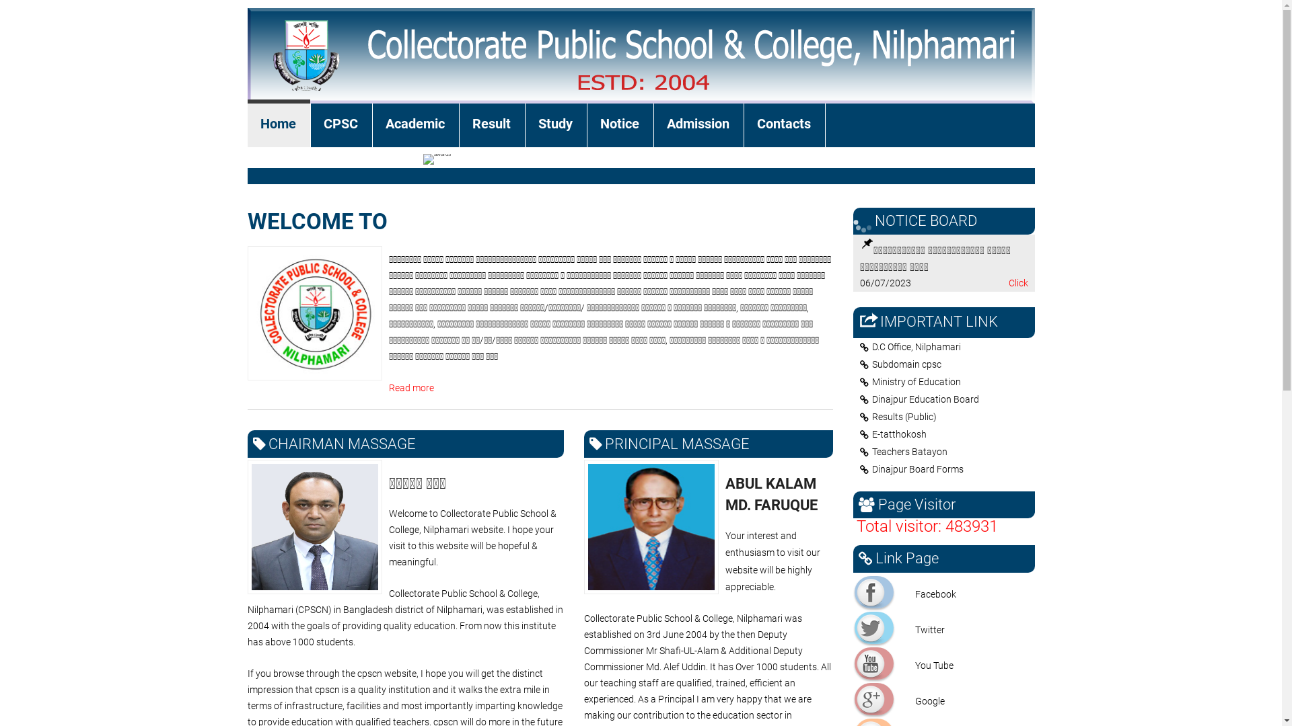  Describe the element at coordinates (854, 591) in the screenshot. I see `'Facebook'` at that location.